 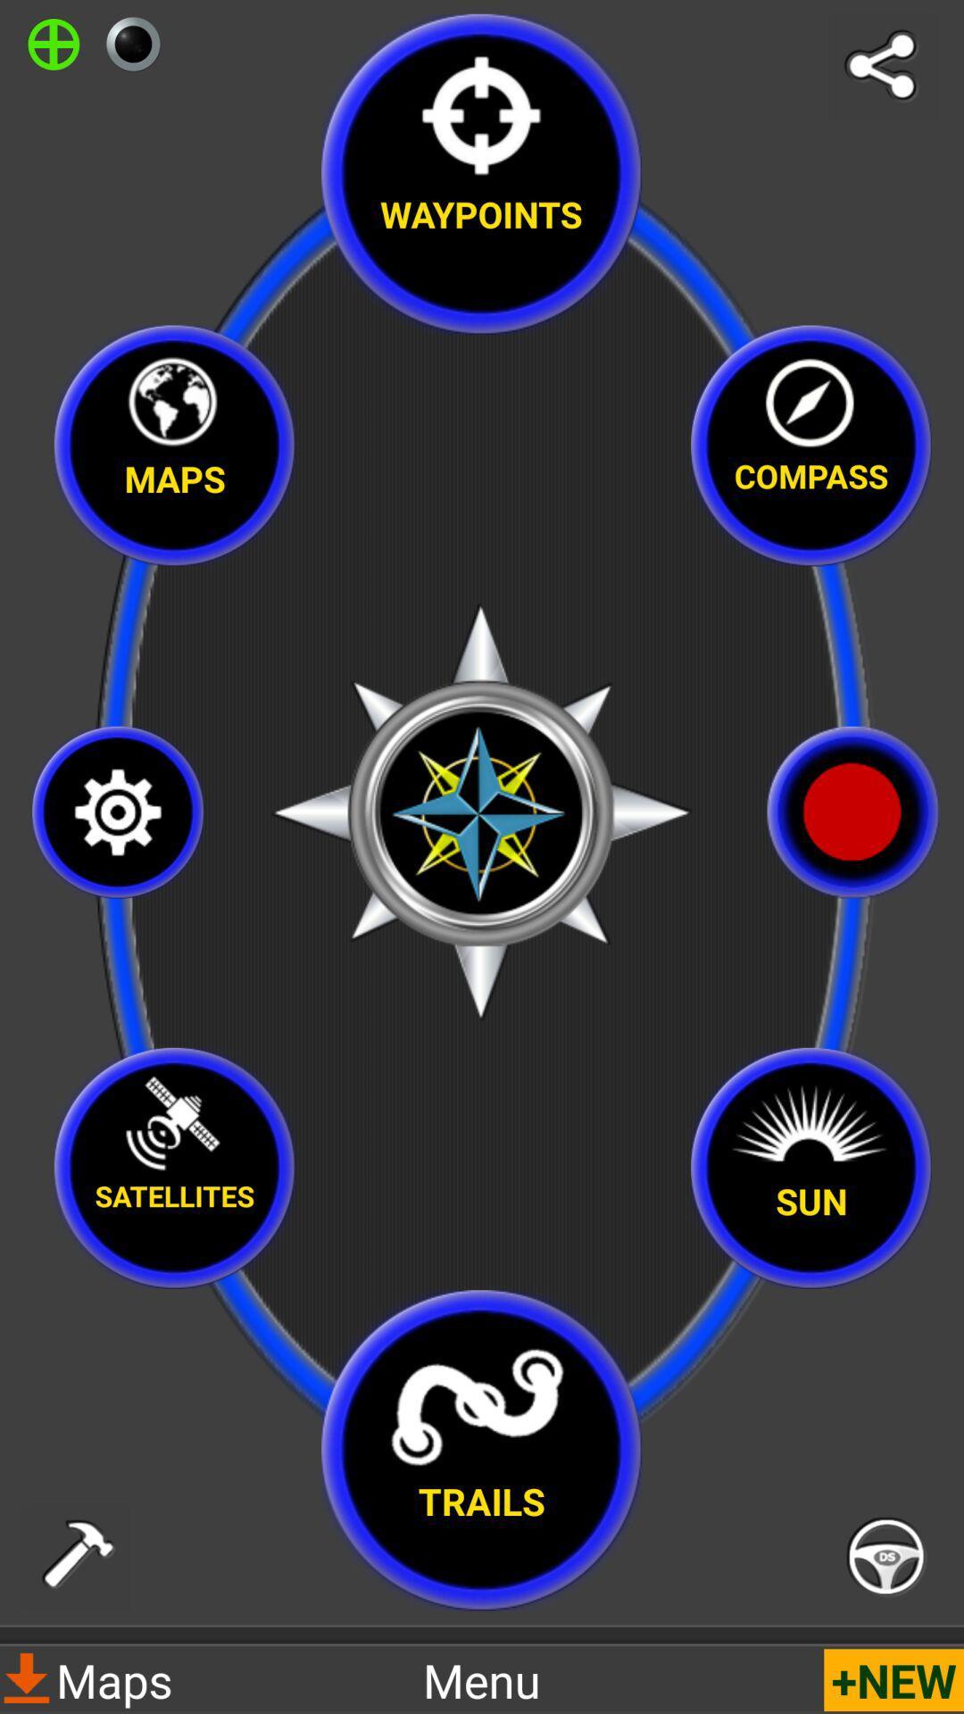 I want to click on the settings icon above satellites, so click(x=118, y=811).